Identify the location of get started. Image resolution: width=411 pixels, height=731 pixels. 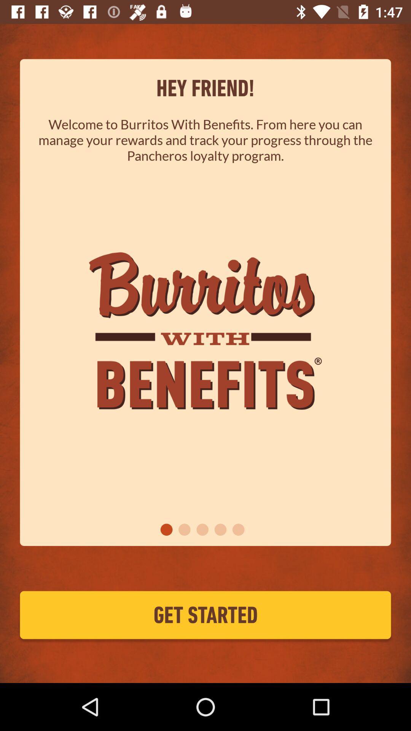
(205, 615).